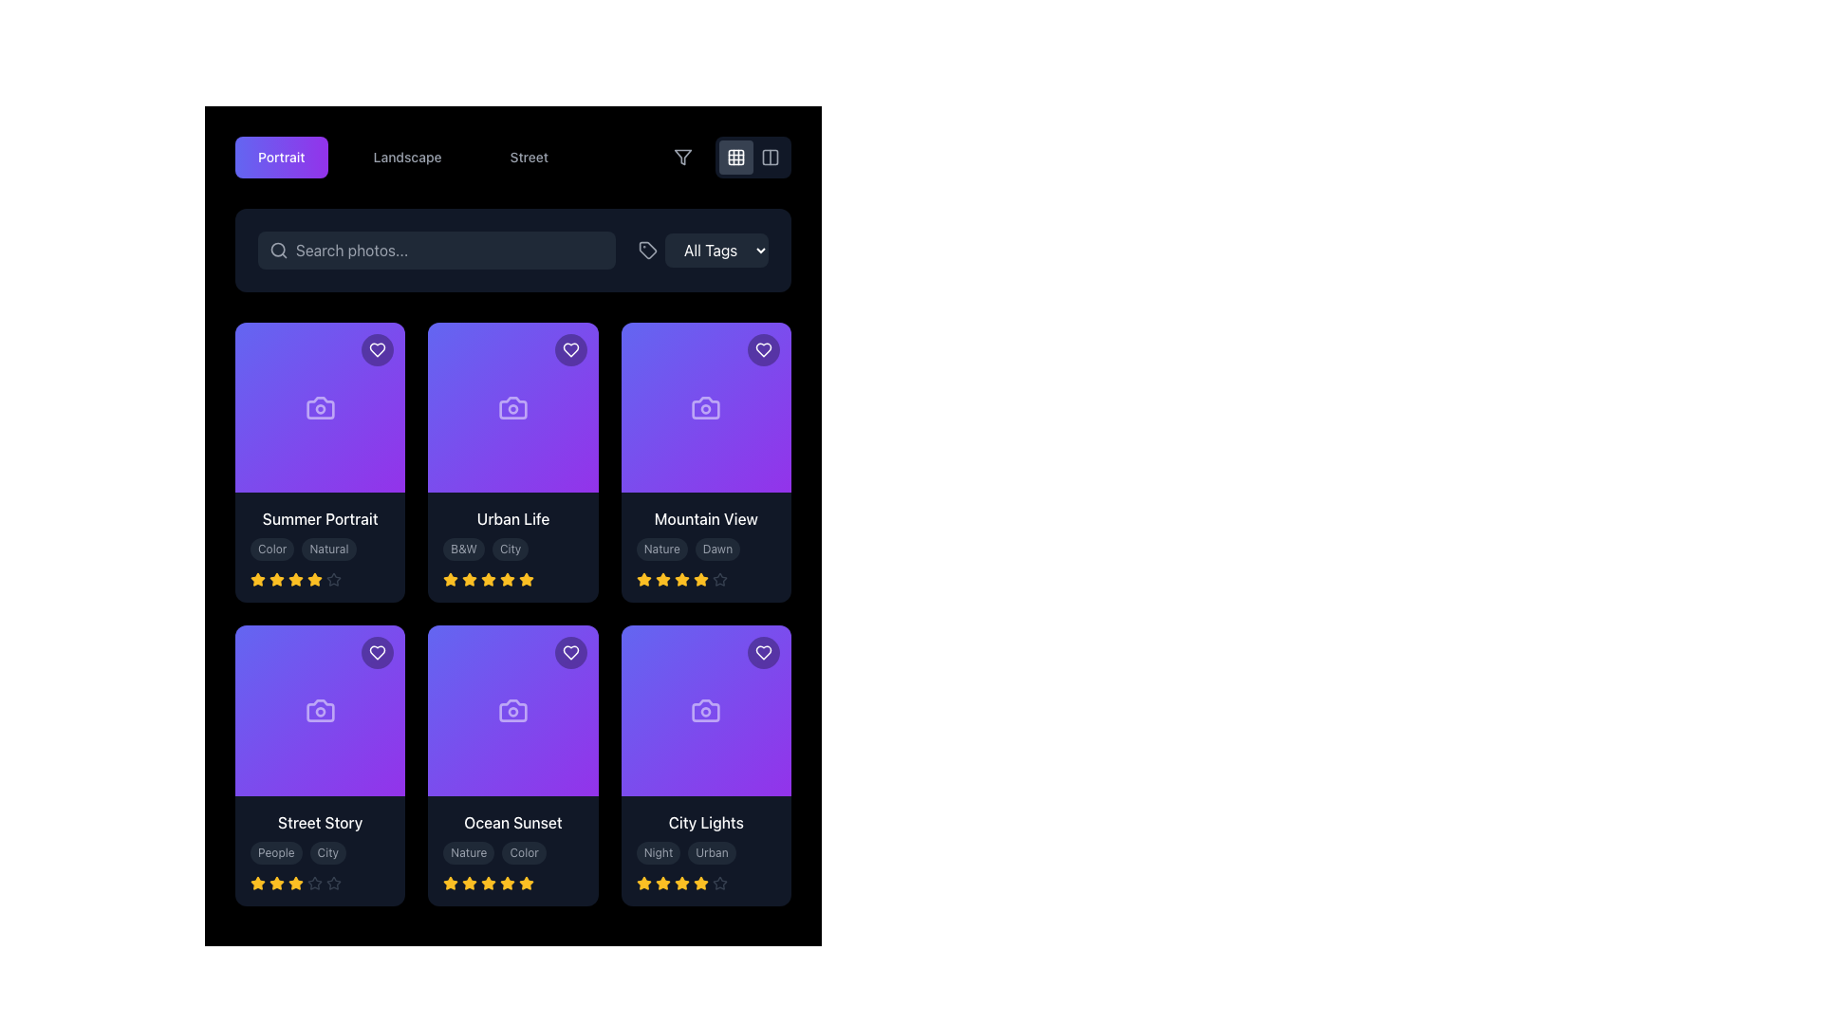 Image resolution: width=1822 pixels, height=1025 pixels. Describe the element at coordinates (764, 652) in the screenshot. I see `the like button in the top-right corner of the 'City Lights' card to change its background color` at that location.